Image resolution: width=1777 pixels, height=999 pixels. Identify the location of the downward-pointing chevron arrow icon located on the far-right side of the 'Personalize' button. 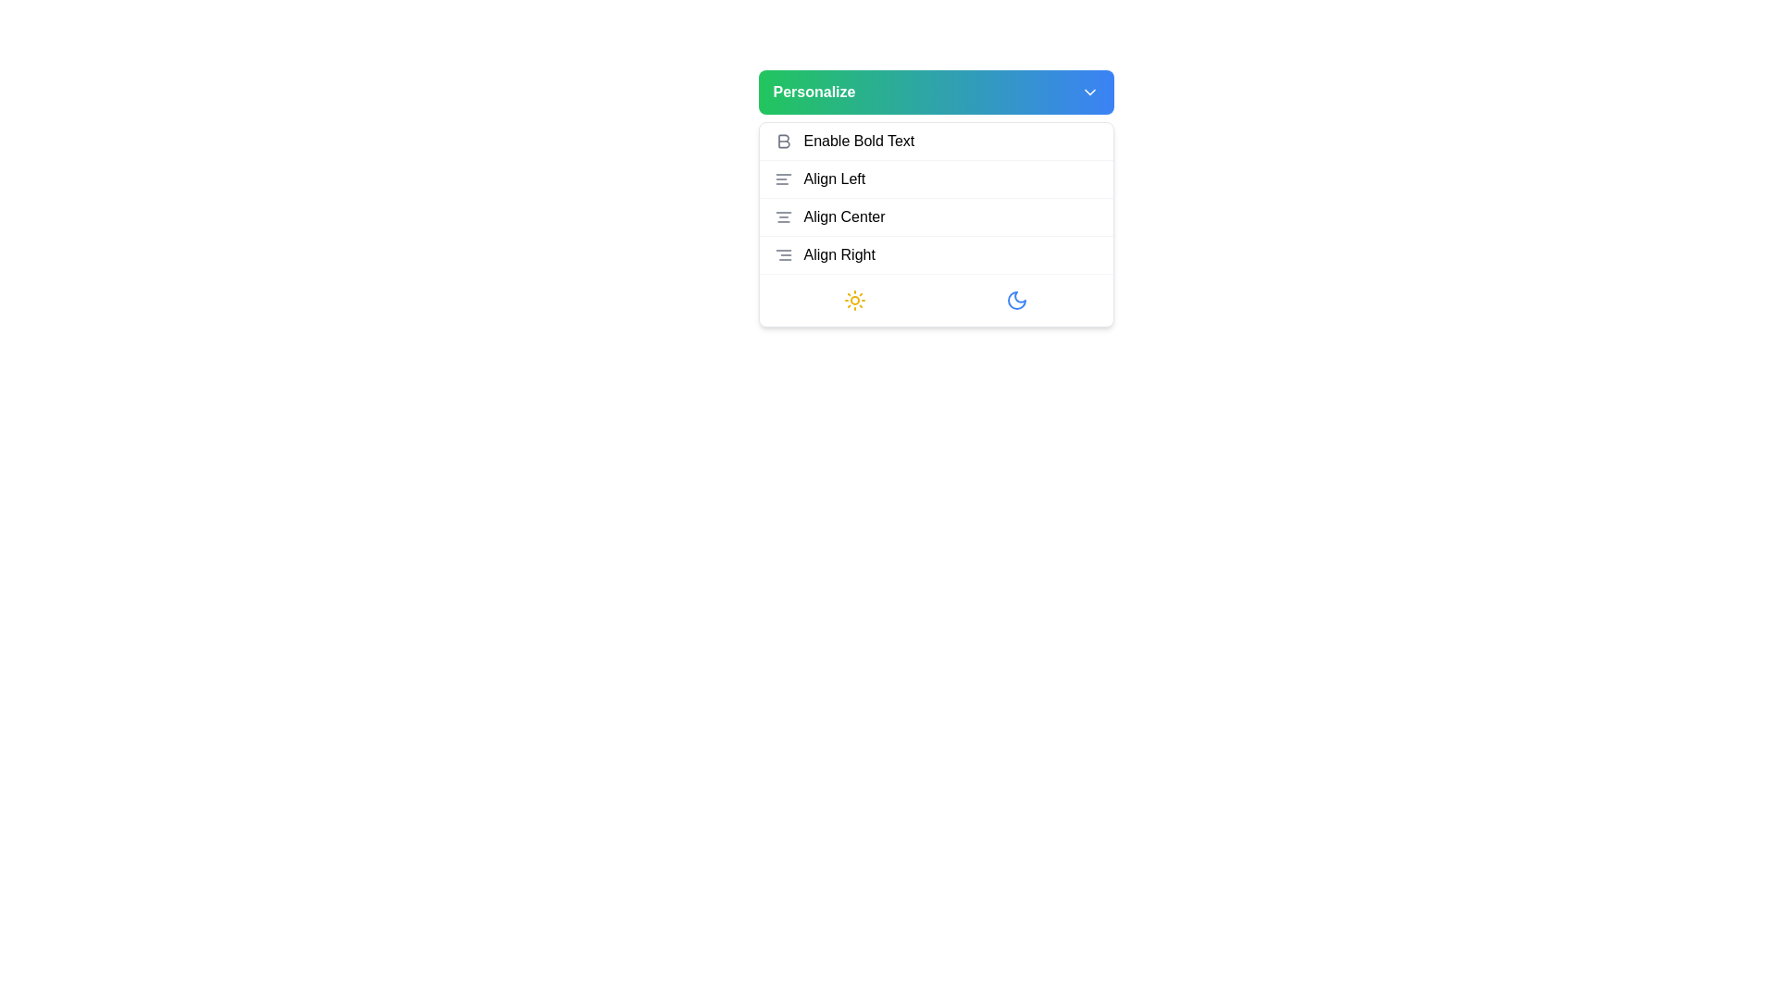
(1089, 92).